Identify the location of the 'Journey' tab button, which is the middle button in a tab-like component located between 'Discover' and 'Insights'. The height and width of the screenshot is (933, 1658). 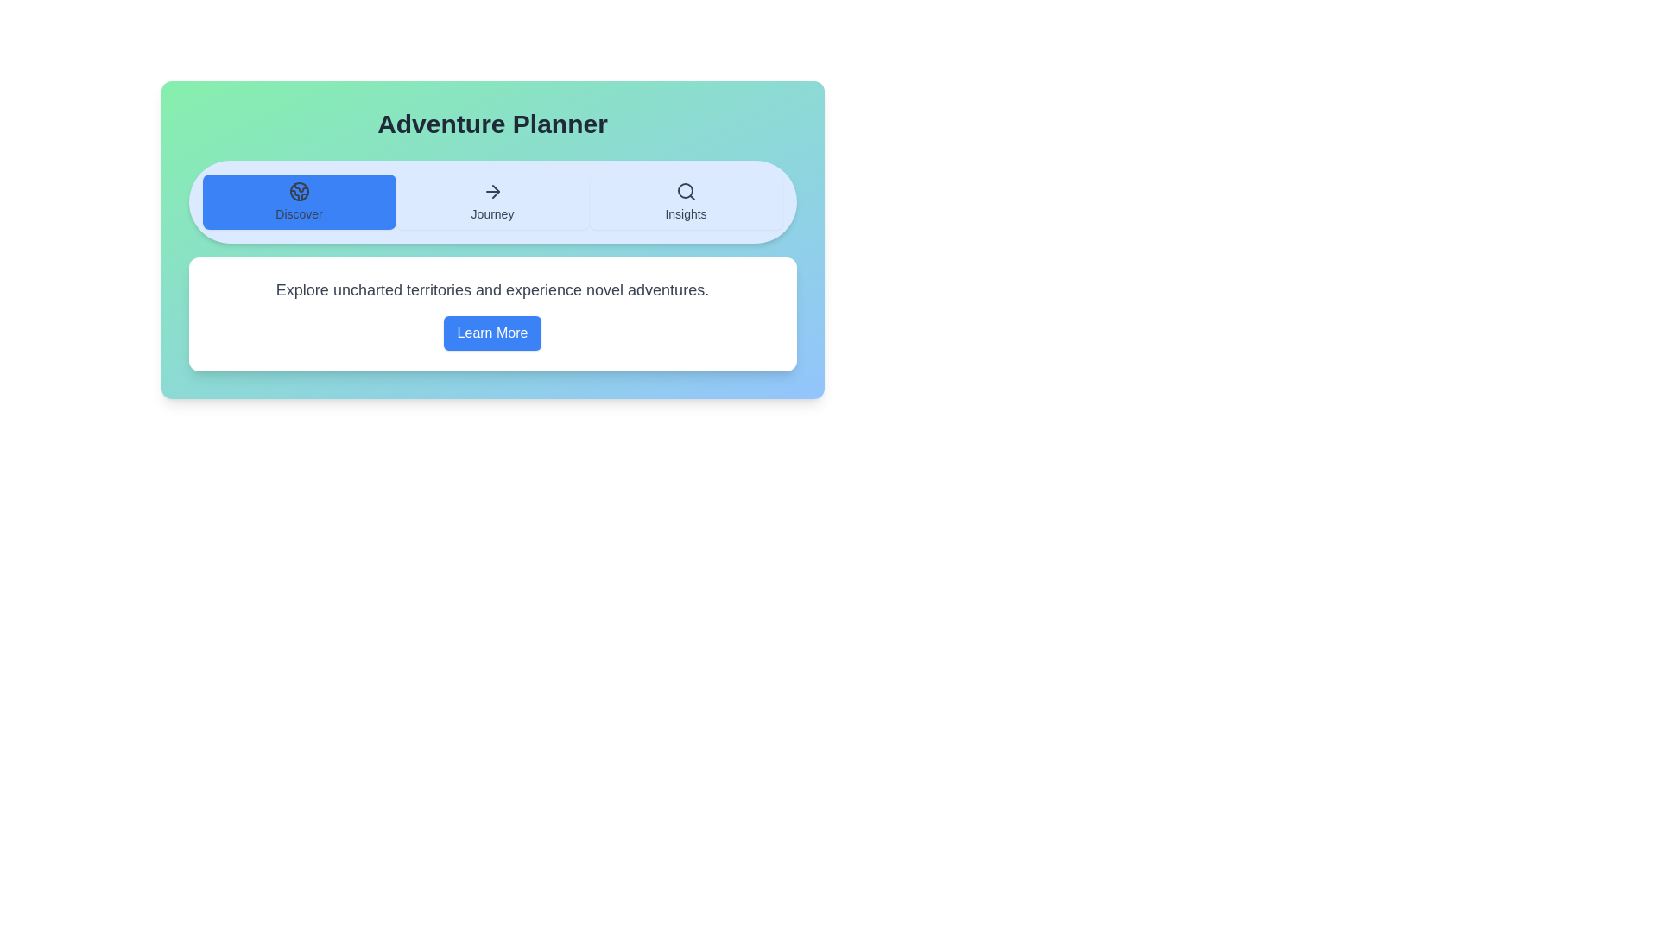
(491, 201).